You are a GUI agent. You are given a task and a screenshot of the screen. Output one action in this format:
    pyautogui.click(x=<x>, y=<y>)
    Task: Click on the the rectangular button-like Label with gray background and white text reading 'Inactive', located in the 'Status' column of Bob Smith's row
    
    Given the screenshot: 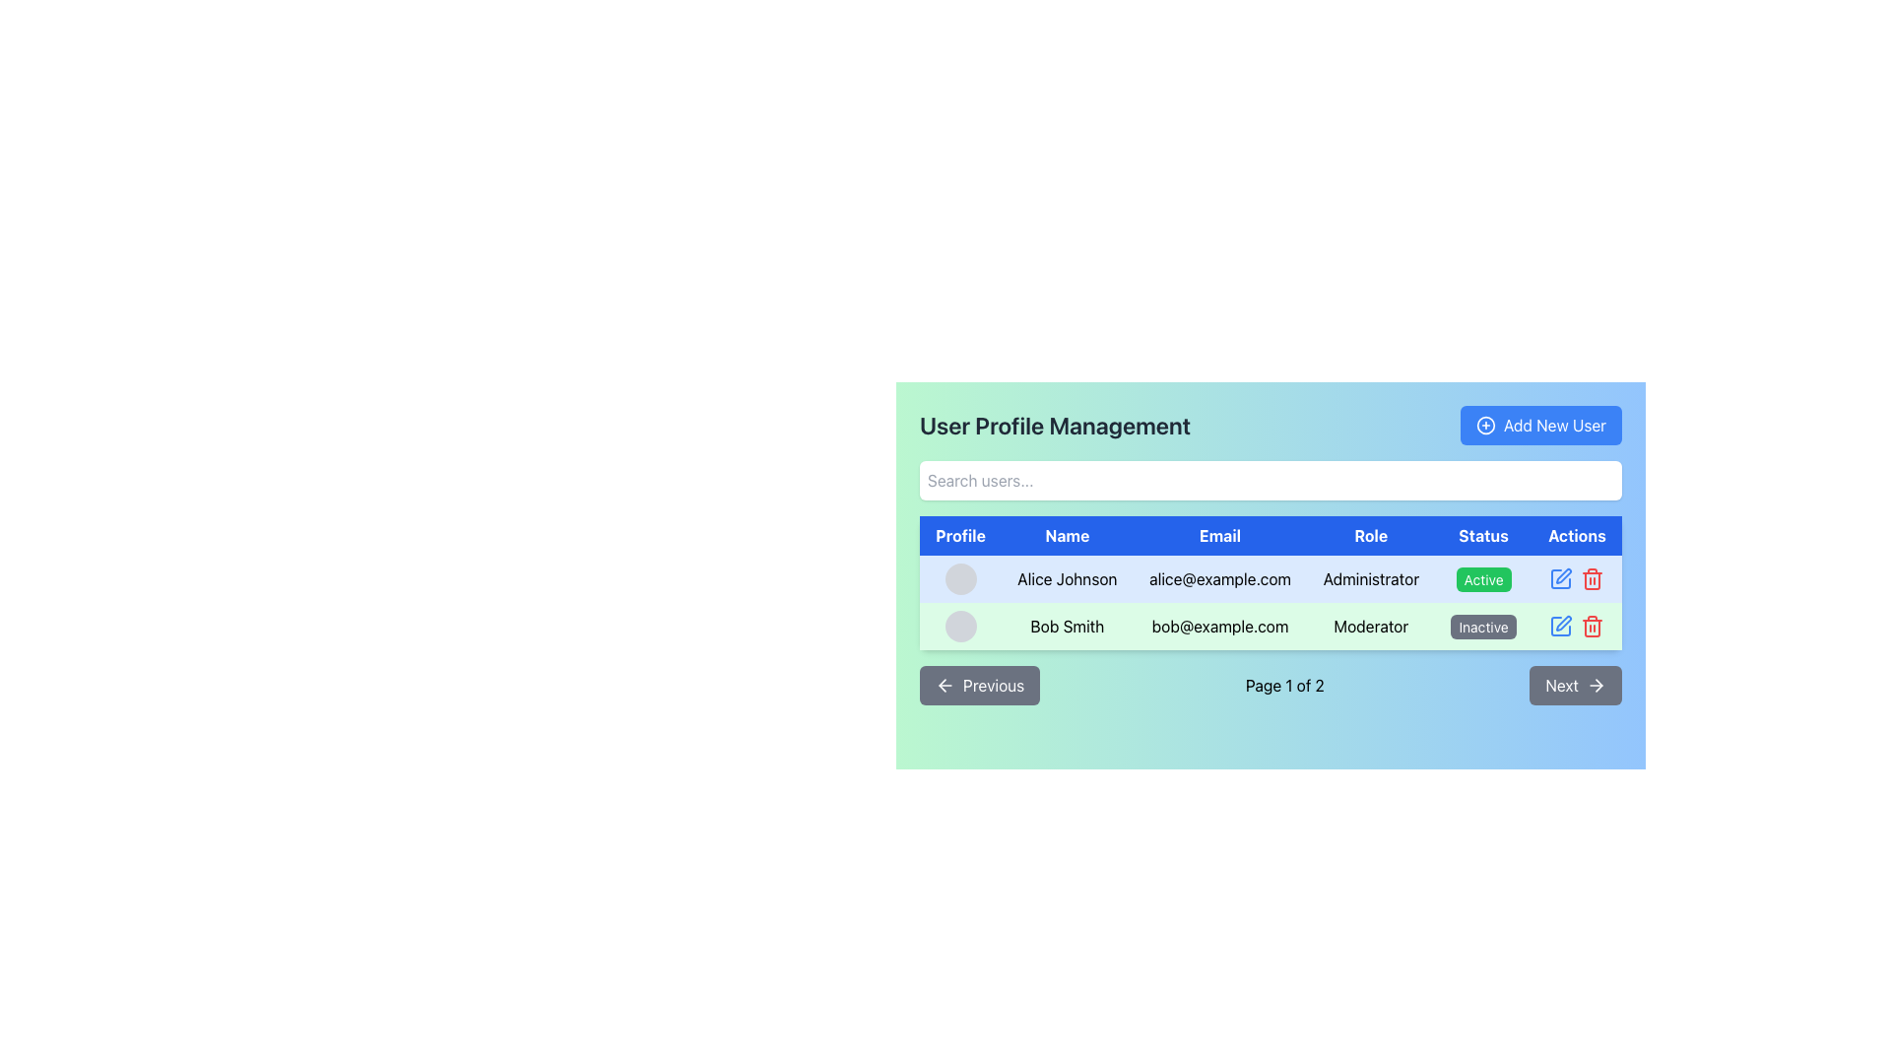 What is the action you would take?
    pyautogui.click(x=1483, y=627)
    